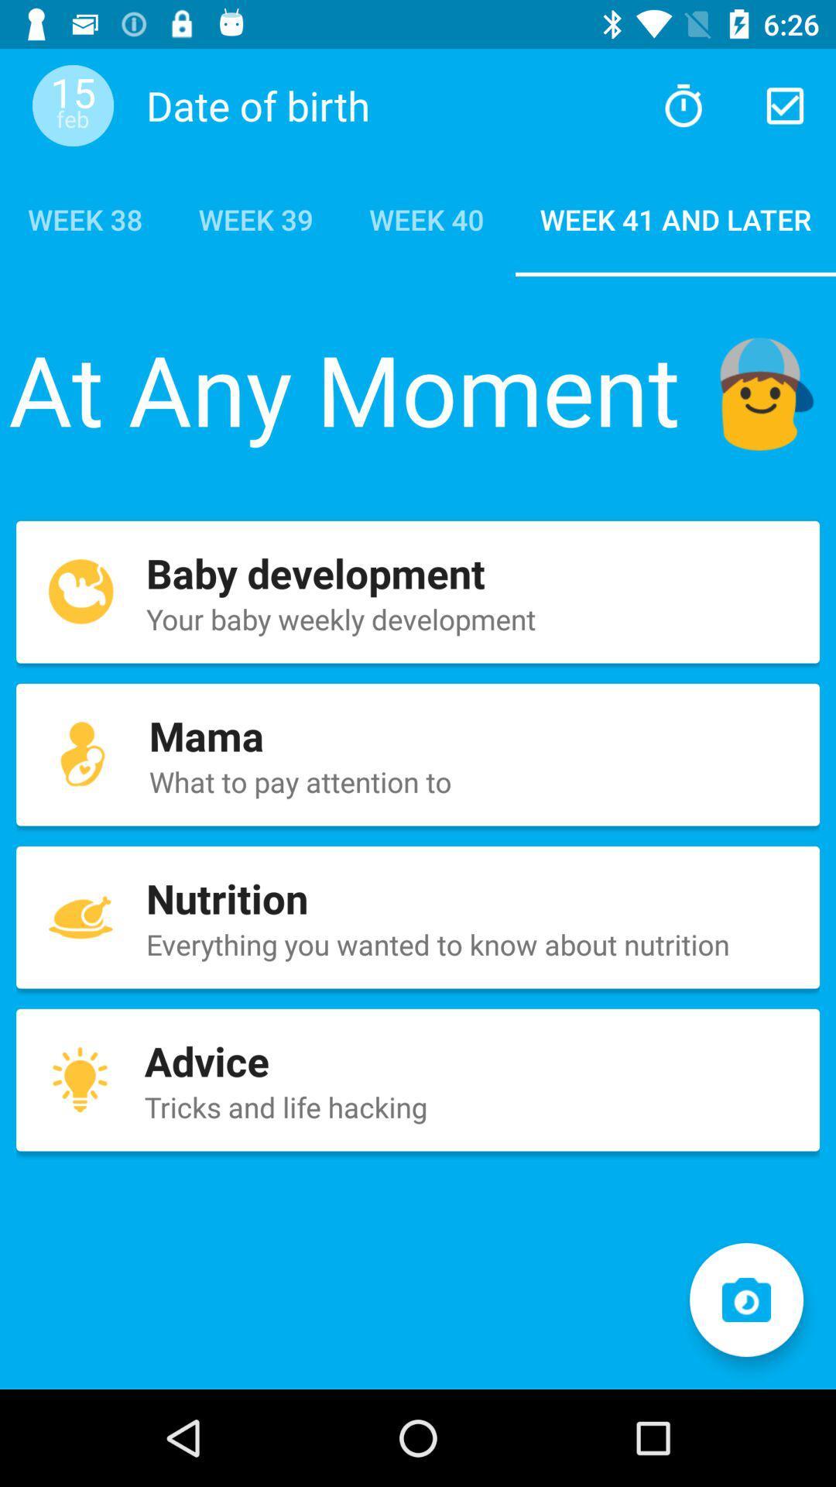  I want to click on the photo icon, so click(745, 1300).